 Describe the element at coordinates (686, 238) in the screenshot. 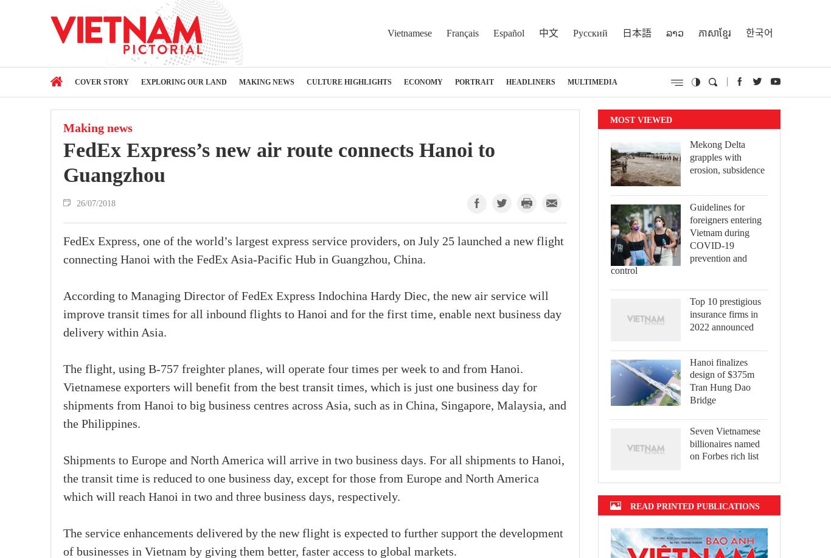

I see `'Guidelines for foreigners entering Vietnam during COVID-19 prevention and control'` at that location.